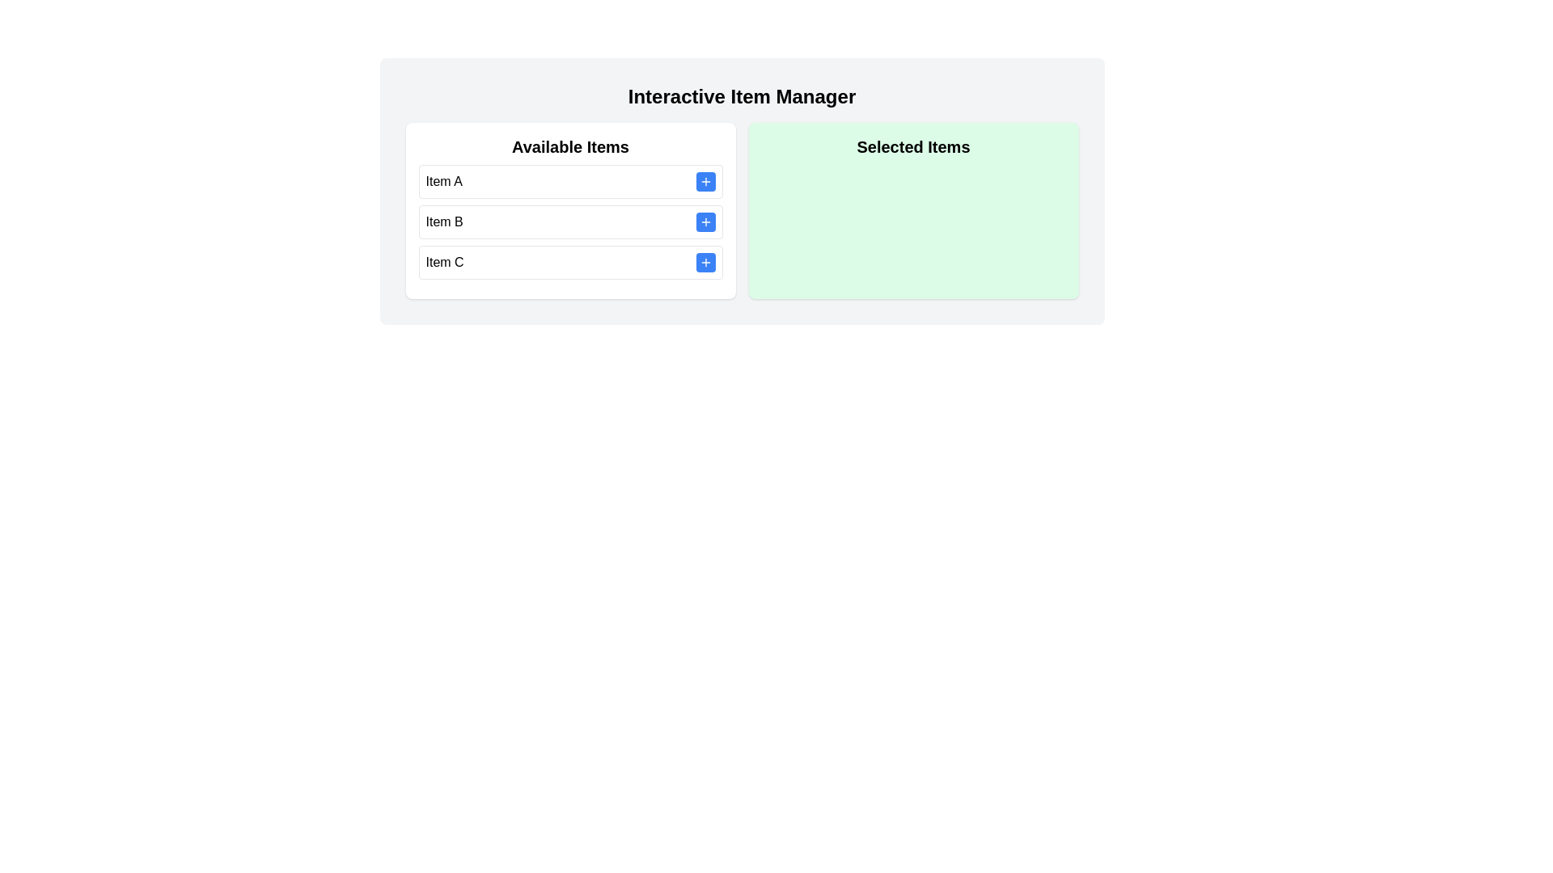 The height and width of the screenshot is (873, 1553). I want to click on the button with an icon that adds 'Item B' to the 'Selected Items' list, so click(705, 221).